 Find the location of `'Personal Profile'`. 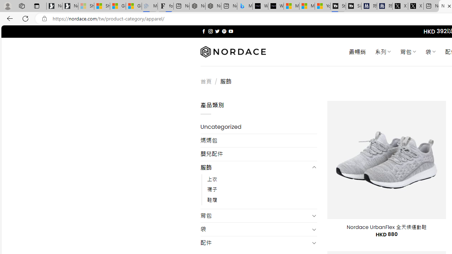

'Personal Profile' is located at coordinates (7, 6).